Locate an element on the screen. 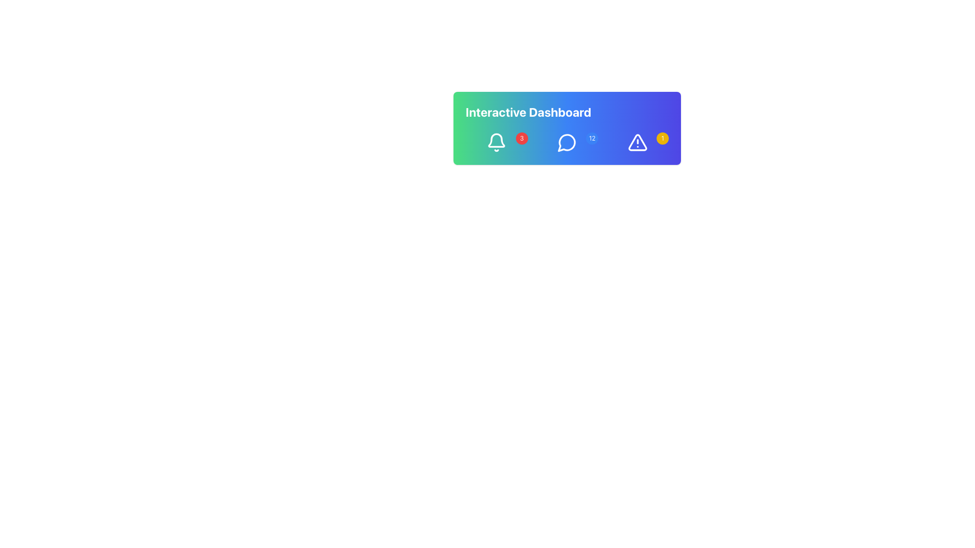 The width and height of the screenshot is (975, 548). the Notification Icon with Badge is located at coordinates (497, 143).